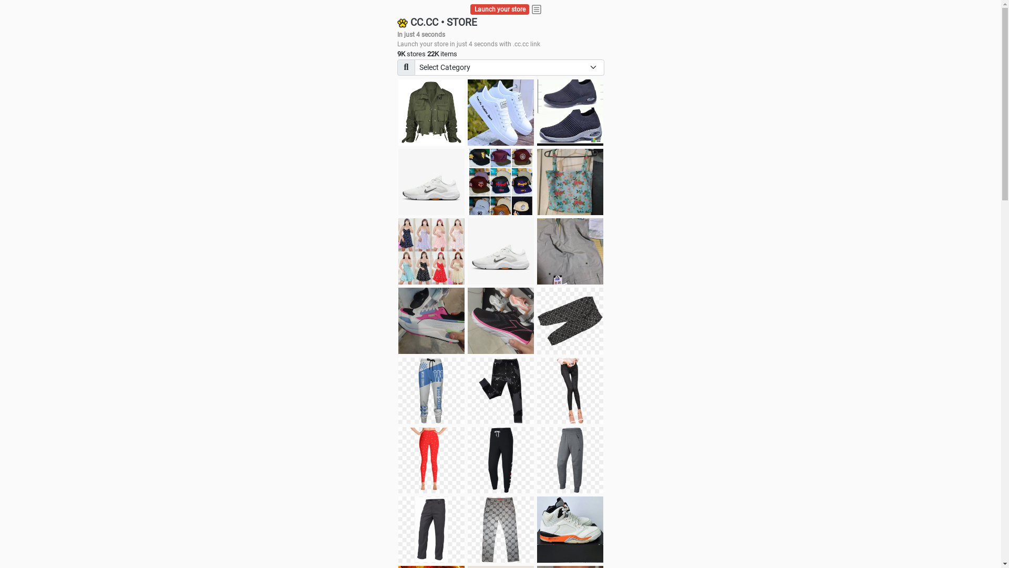  What do you see at coordinates (431, 112) in the screenshot?
I see `'jacket'` at bounding box center [431, 112].